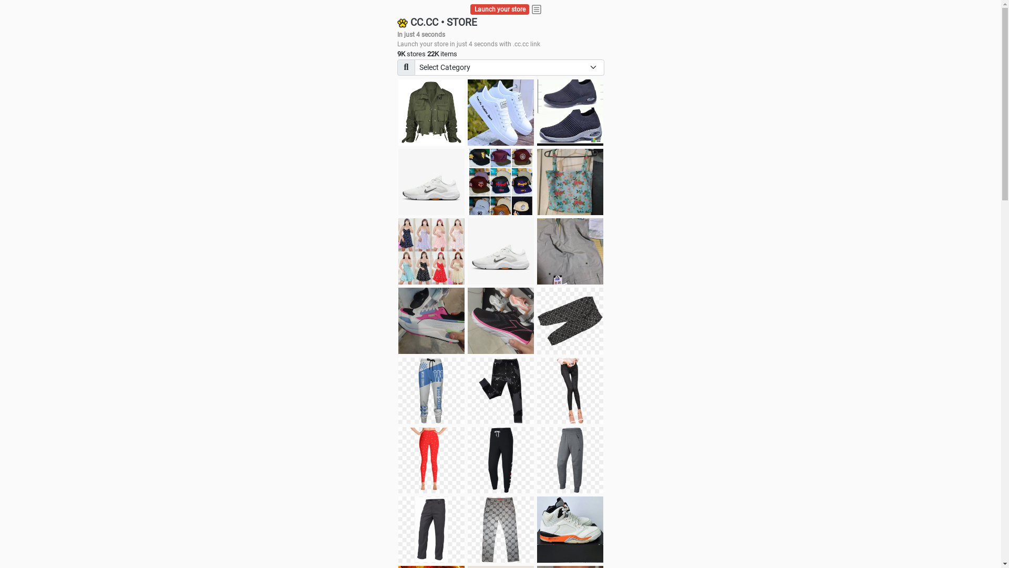  What do you see at coordinates (431, 112) in the screenshot?
I see `'jacket'` at bounding box center [431, 112].